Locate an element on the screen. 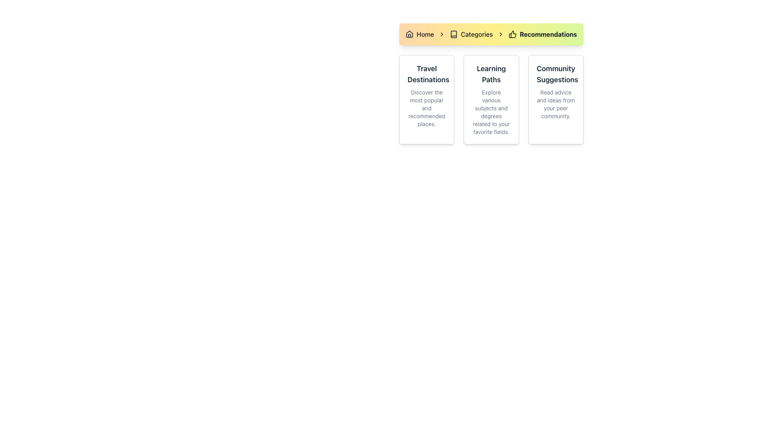 The height and width of the screenshot is (427, 759). the Navigation Breadcrumb element at the top-center of the interface is located at coordinates (491, 34).